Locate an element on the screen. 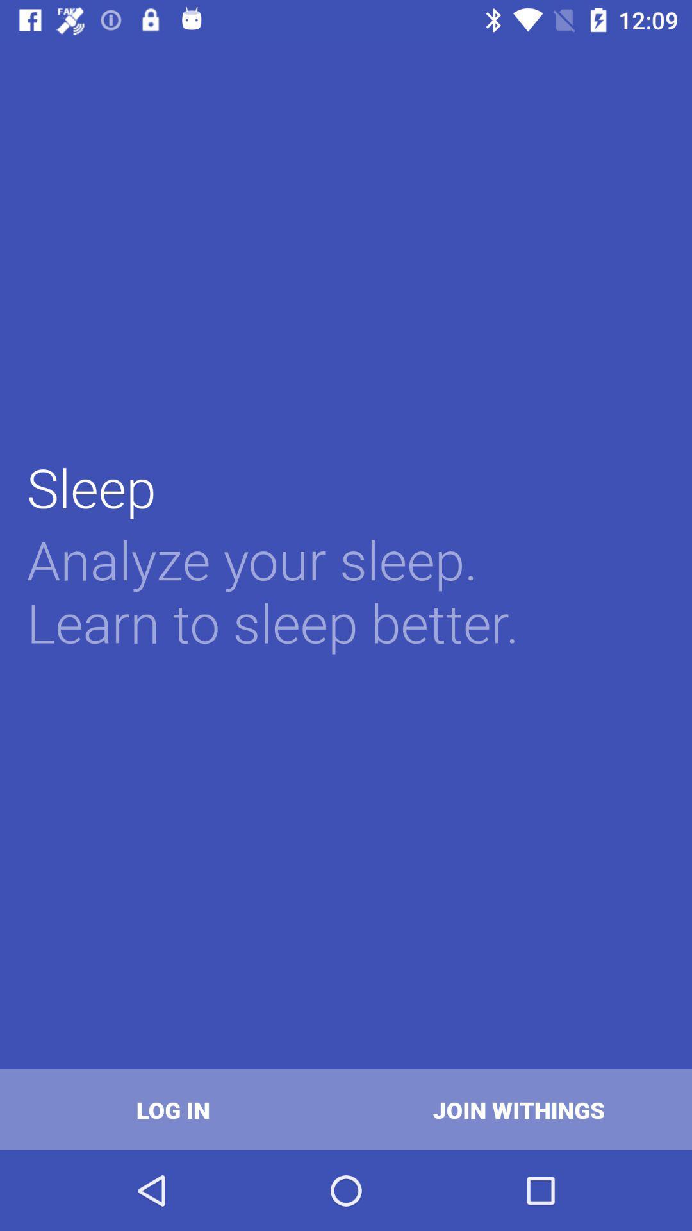 This screenshot has width=692, height=1231. the icon to the left of join withings item is located at coordinates (173, 1109).